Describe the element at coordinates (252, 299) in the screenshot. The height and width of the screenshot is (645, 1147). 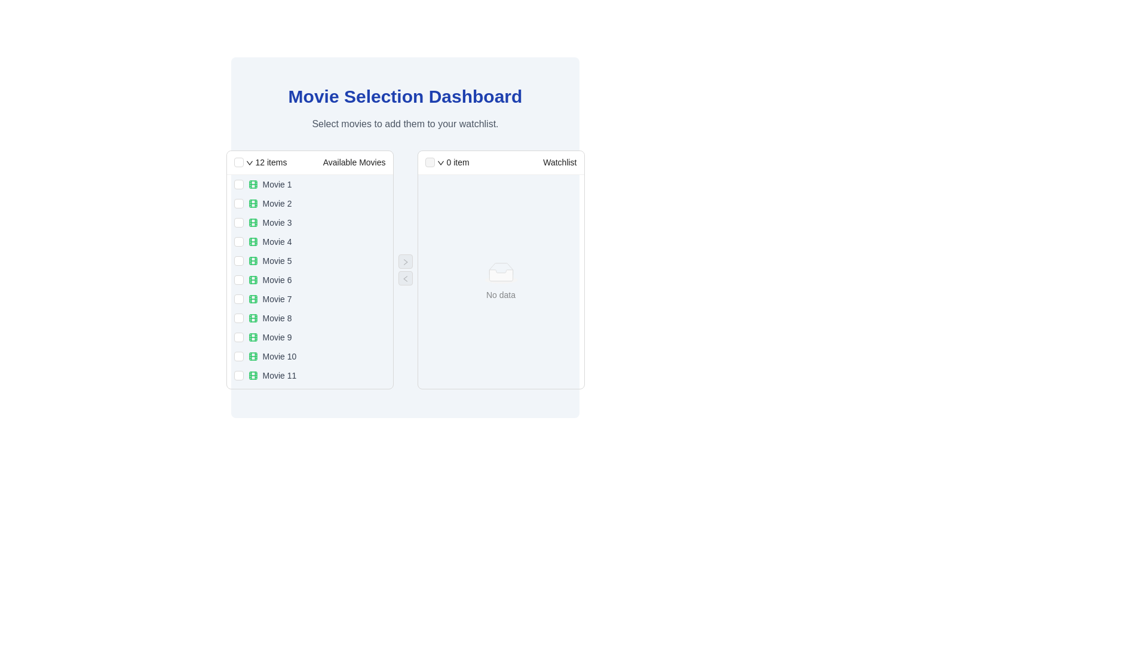
I see `the inner rectangular component of the film roll icon associated with 'Movie 7', which is positioned seventh in the 'Available Movies' list on the left panel` at that location.